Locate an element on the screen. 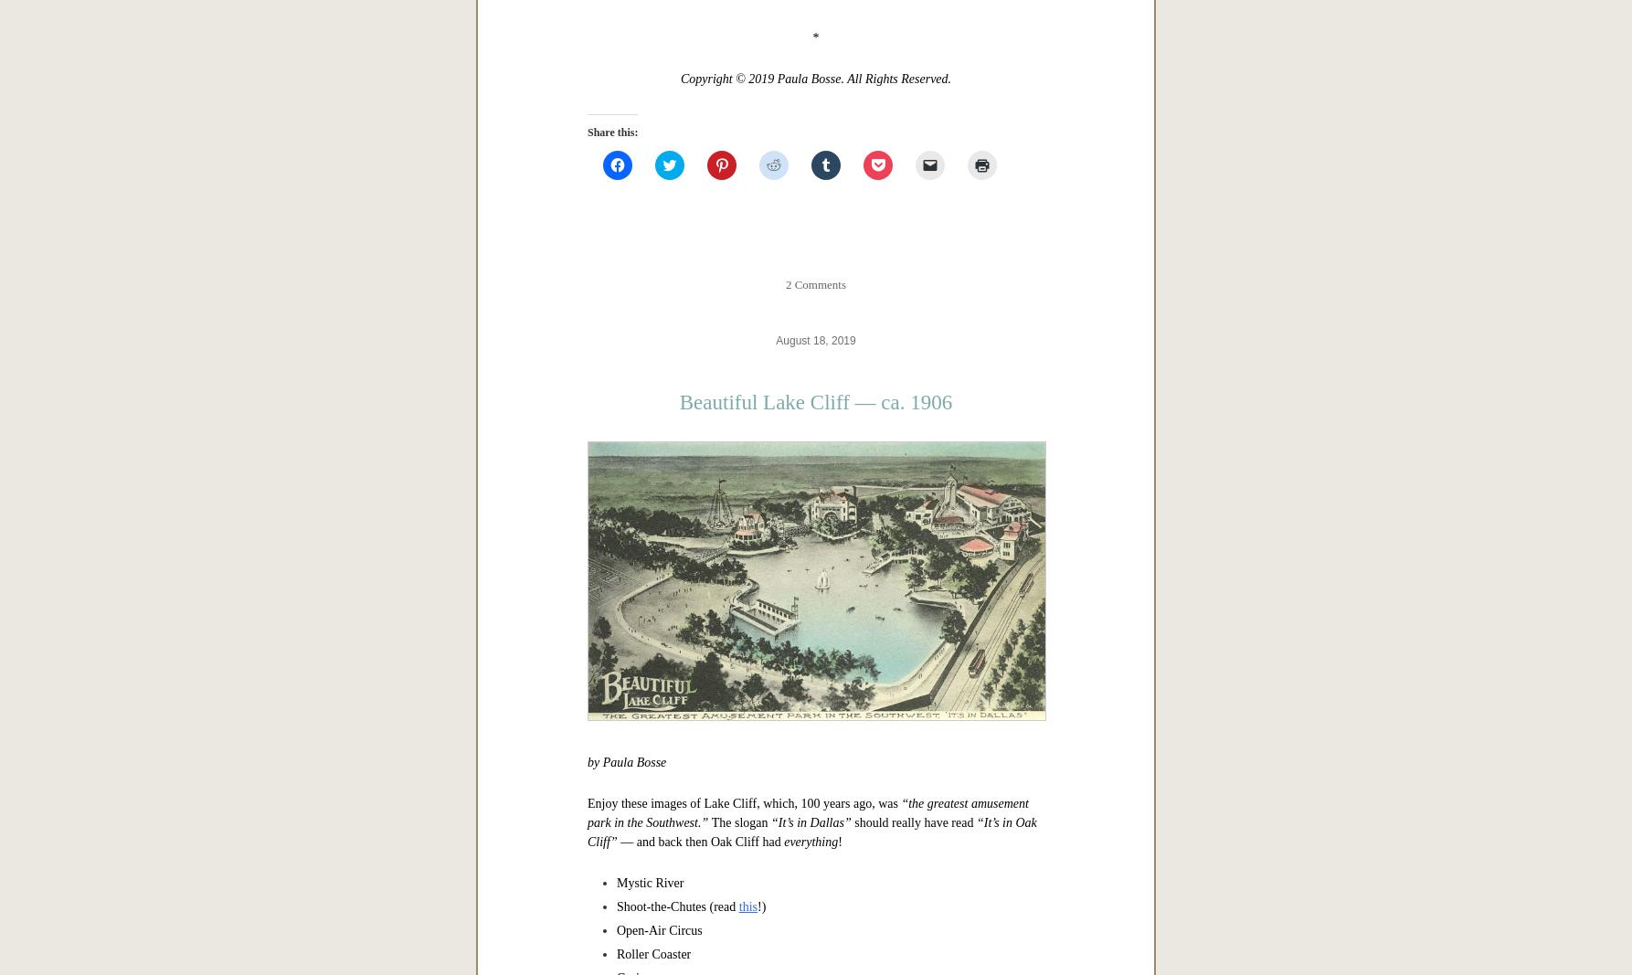 Image resolution: width=1632 pixels, height=975 pixels. '— and back then Oak Cliff had' is located at coordinates (699, 841).